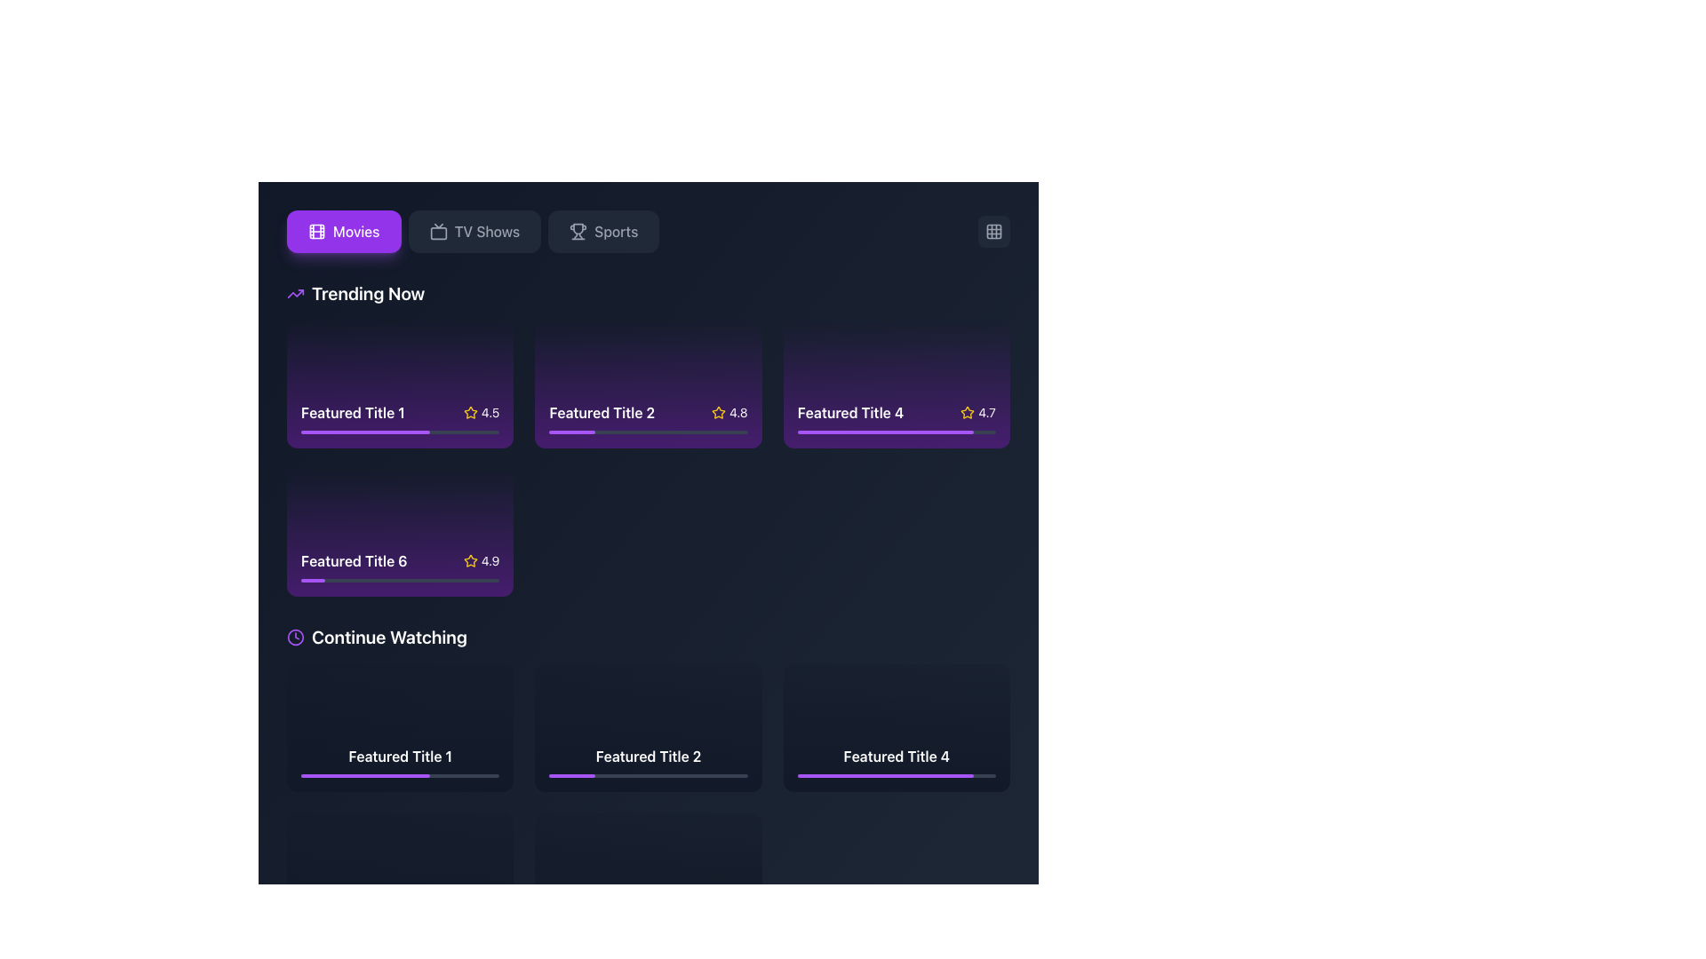  What do you see at coordinates (438, 233) in the screenshot?
I see `the small rectangular shape with rounded corners, which is part of the TV icon, located near the top right of the interface` at bounding box center [438, 233].